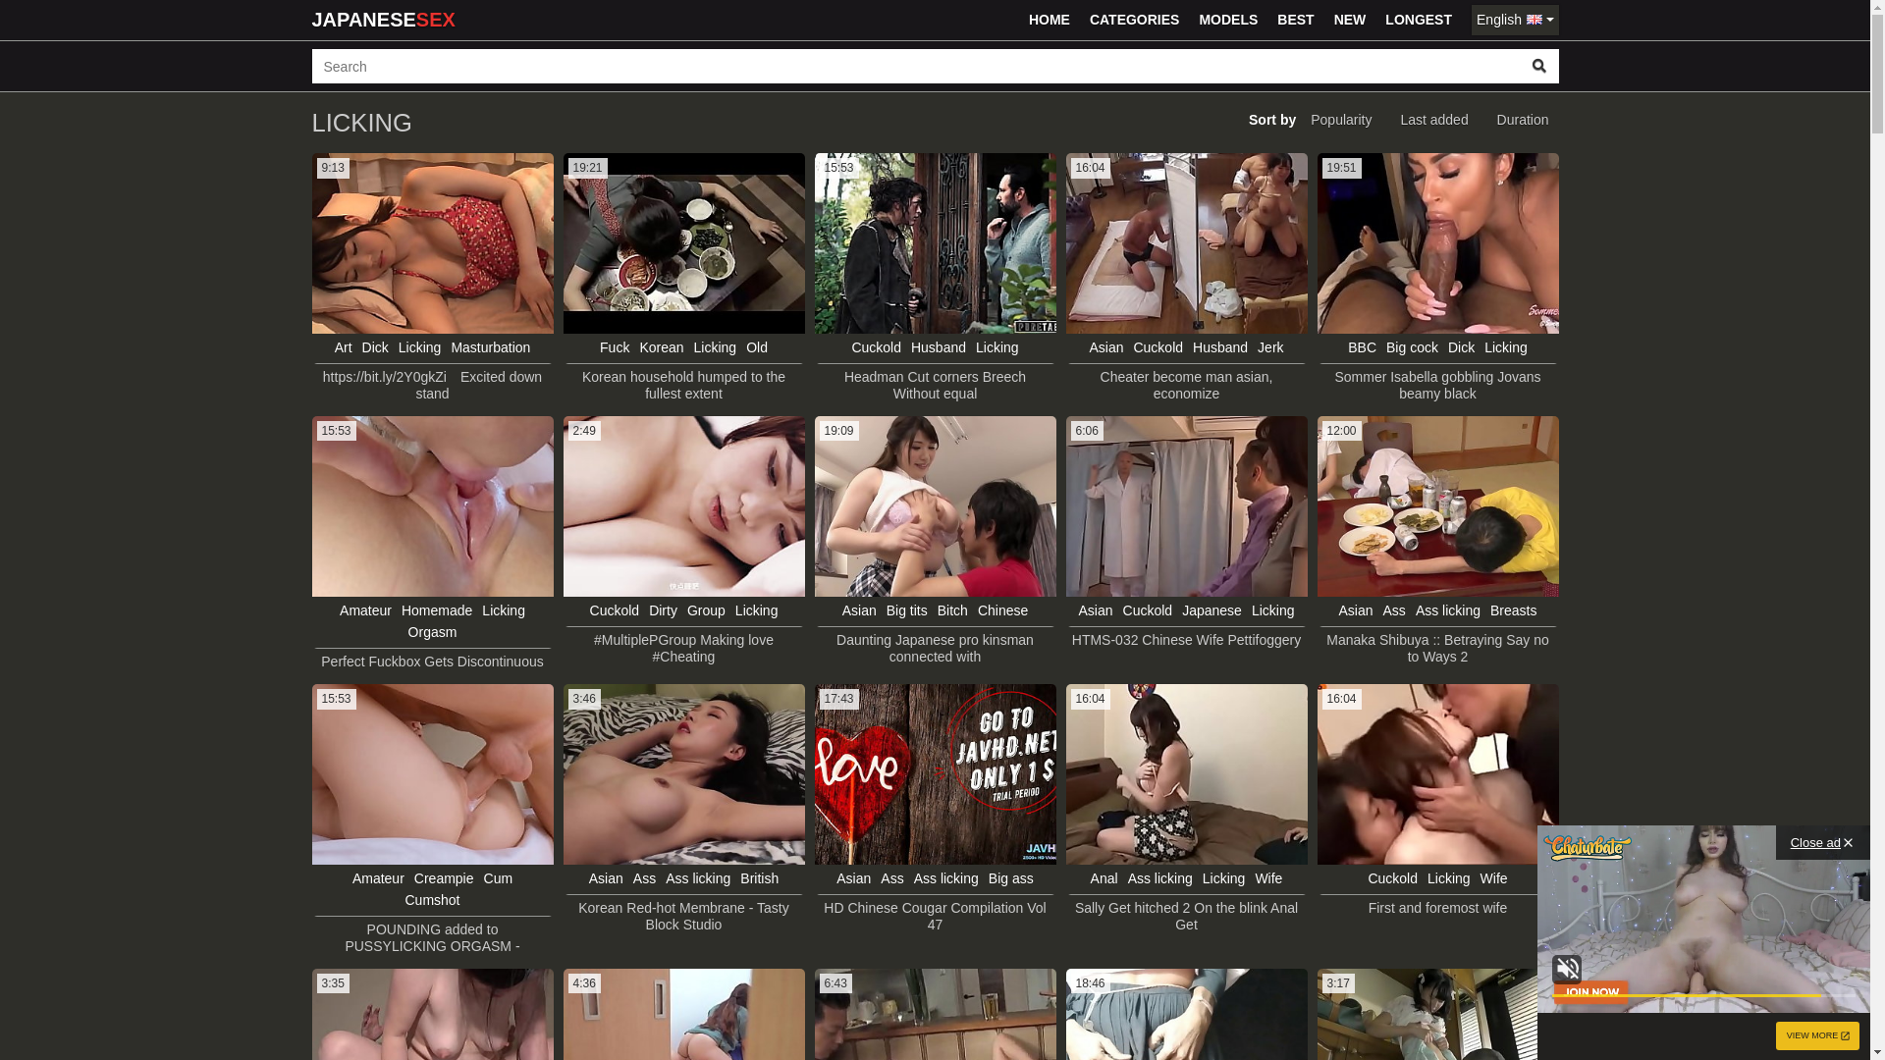 Image resolution: width=1885 pixels, height=1060 pixels. Describe the element at coordinates (1270, 346) in the screenshot. I see `'Jerk'` at that location.